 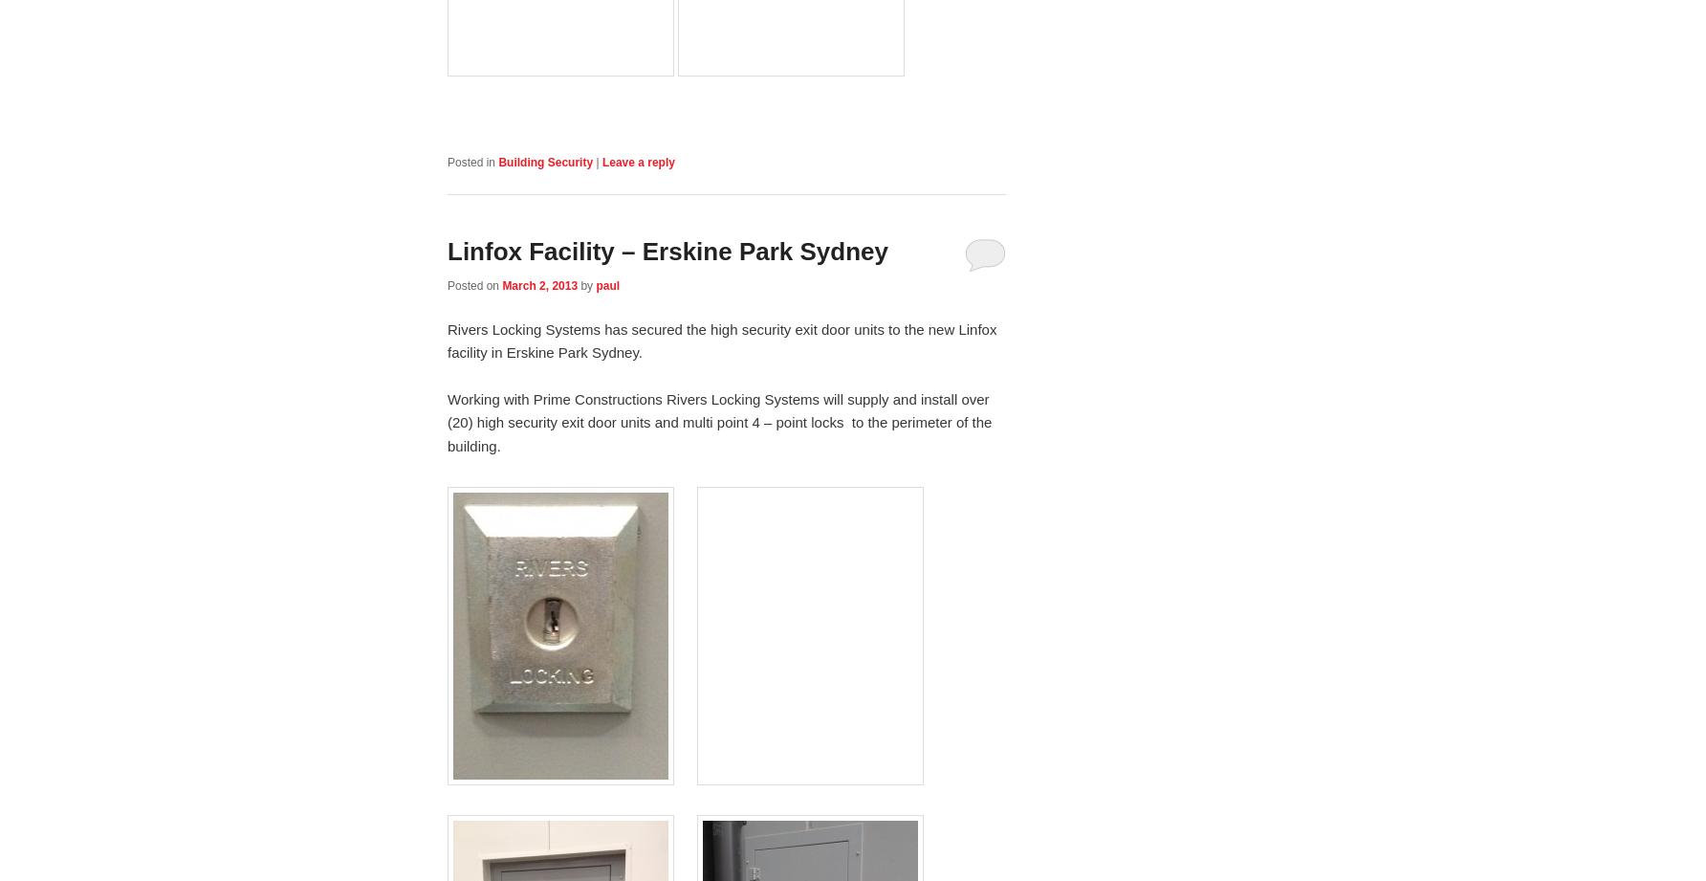 I want to click on 'Posted in', so click(x=470, y=161).